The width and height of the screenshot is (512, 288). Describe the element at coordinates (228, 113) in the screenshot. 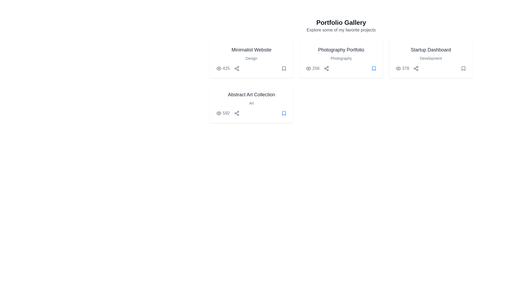

I see `the numerical text '592' styled in gray, located centrally within the horizontal cluster of icons in the lower section of the 'Abstract Art Collection' card` at that location.